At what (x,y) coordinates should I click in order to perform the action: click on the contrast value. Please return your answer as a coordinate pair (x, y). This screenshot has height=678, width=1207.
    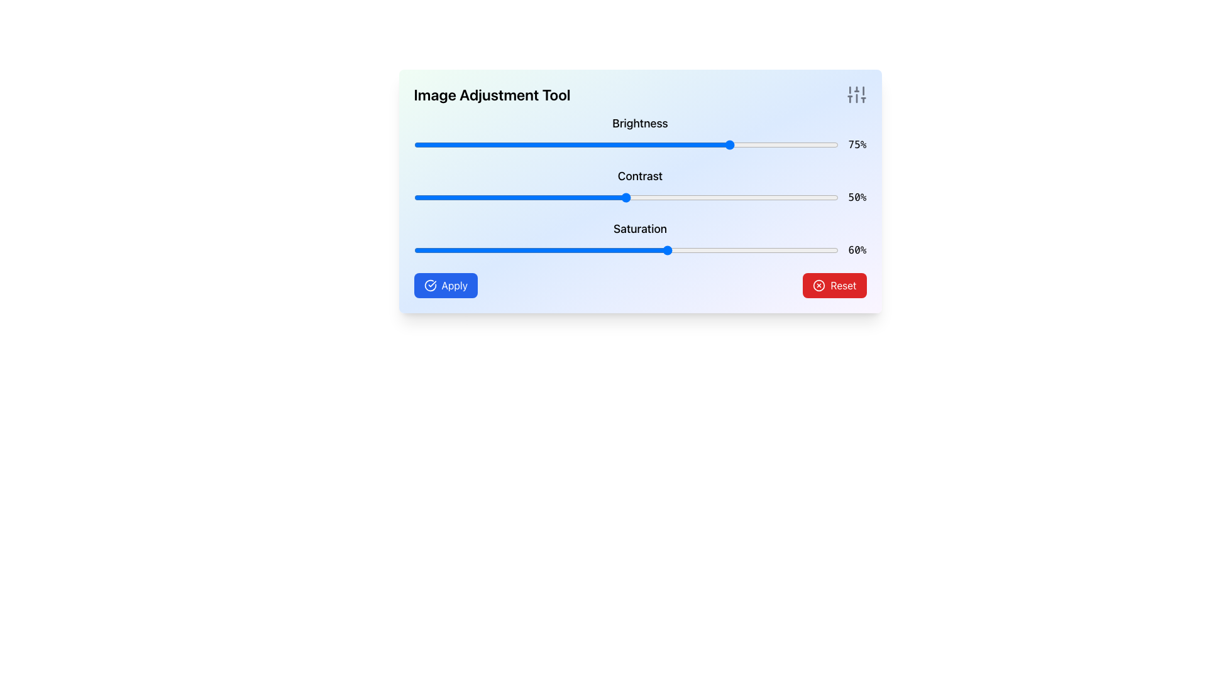
    Looking at the image, I should click on (685, 198).